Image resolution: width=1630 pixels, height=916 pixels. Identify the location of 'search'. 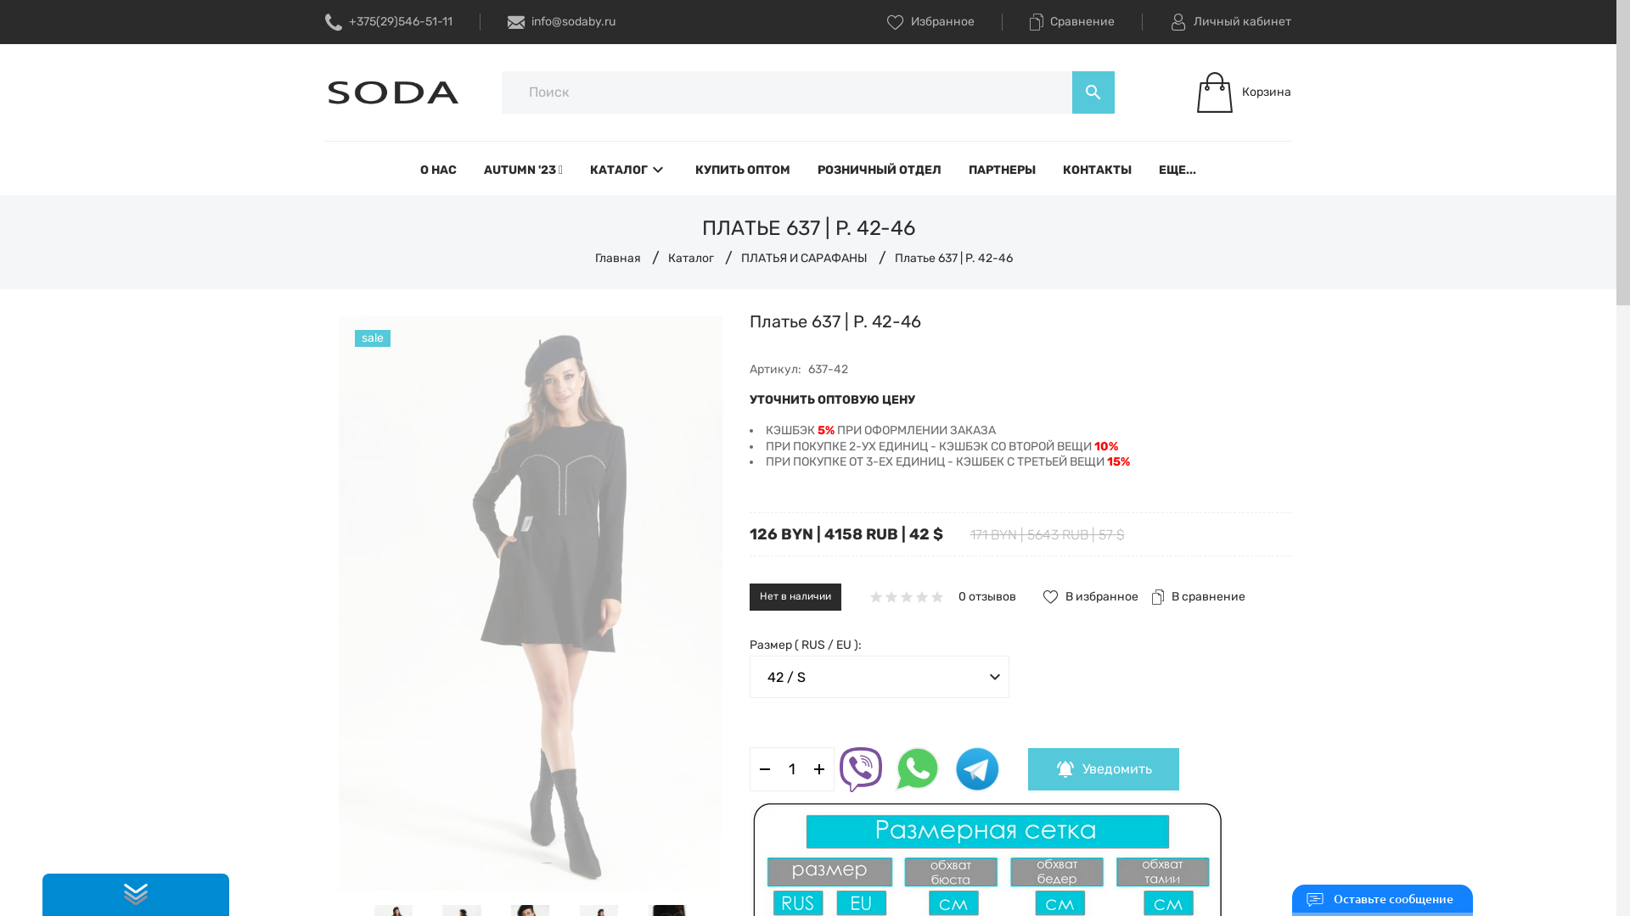
(1093, 92).